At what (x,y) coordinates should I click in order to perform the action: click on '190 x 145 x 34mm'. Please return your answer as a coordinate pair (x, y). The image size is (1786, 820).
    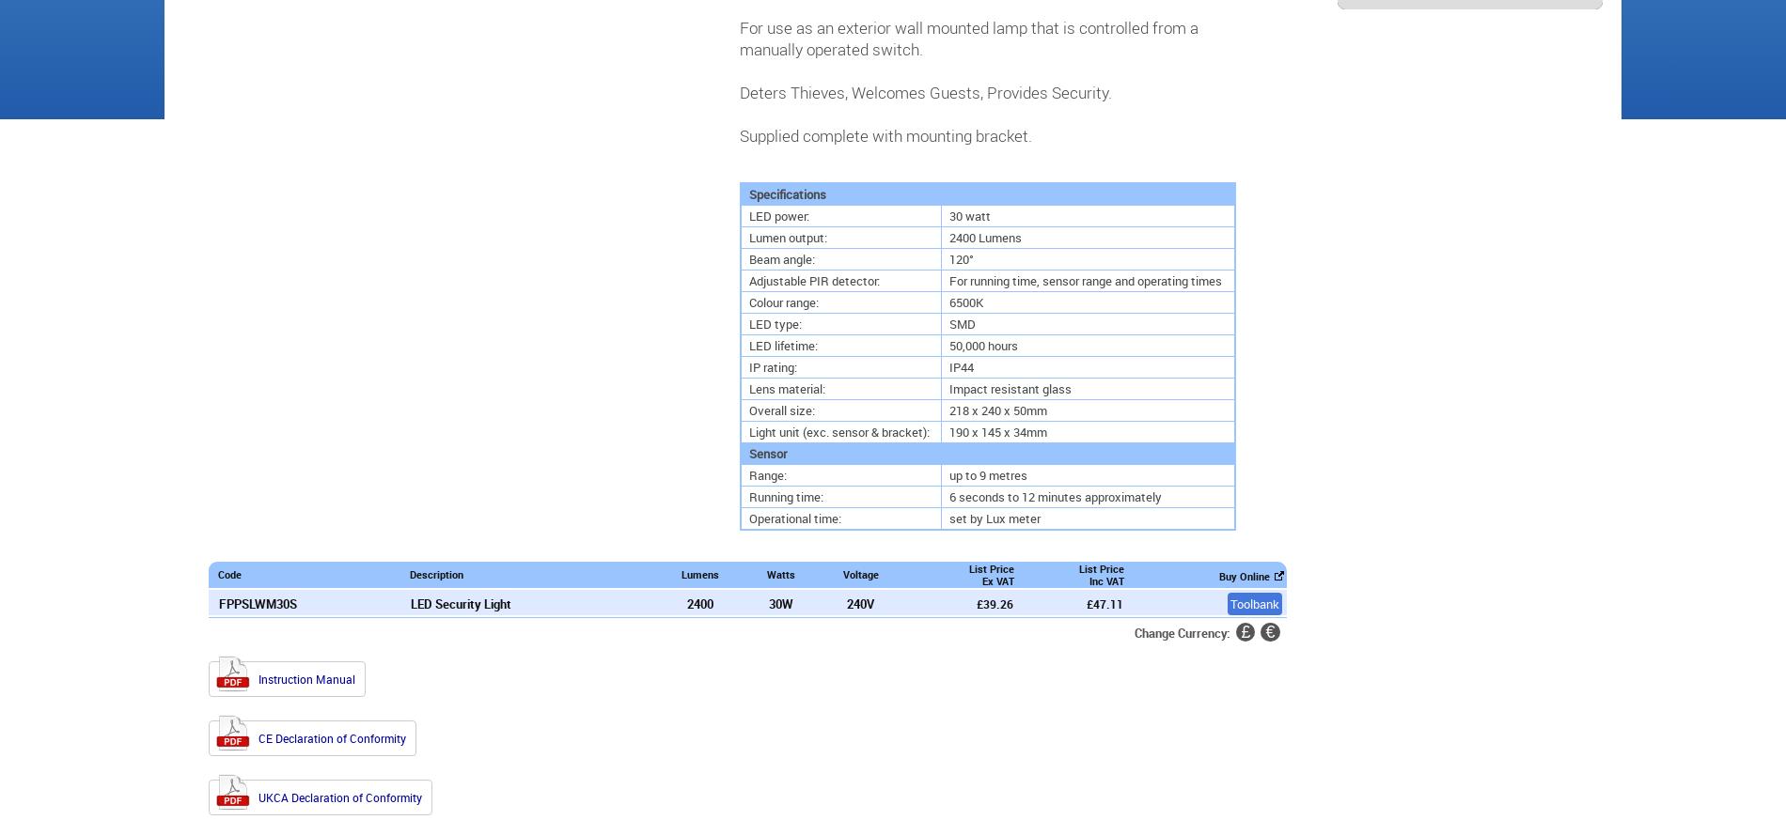
    Looking at the image, I should click on (948, 431).